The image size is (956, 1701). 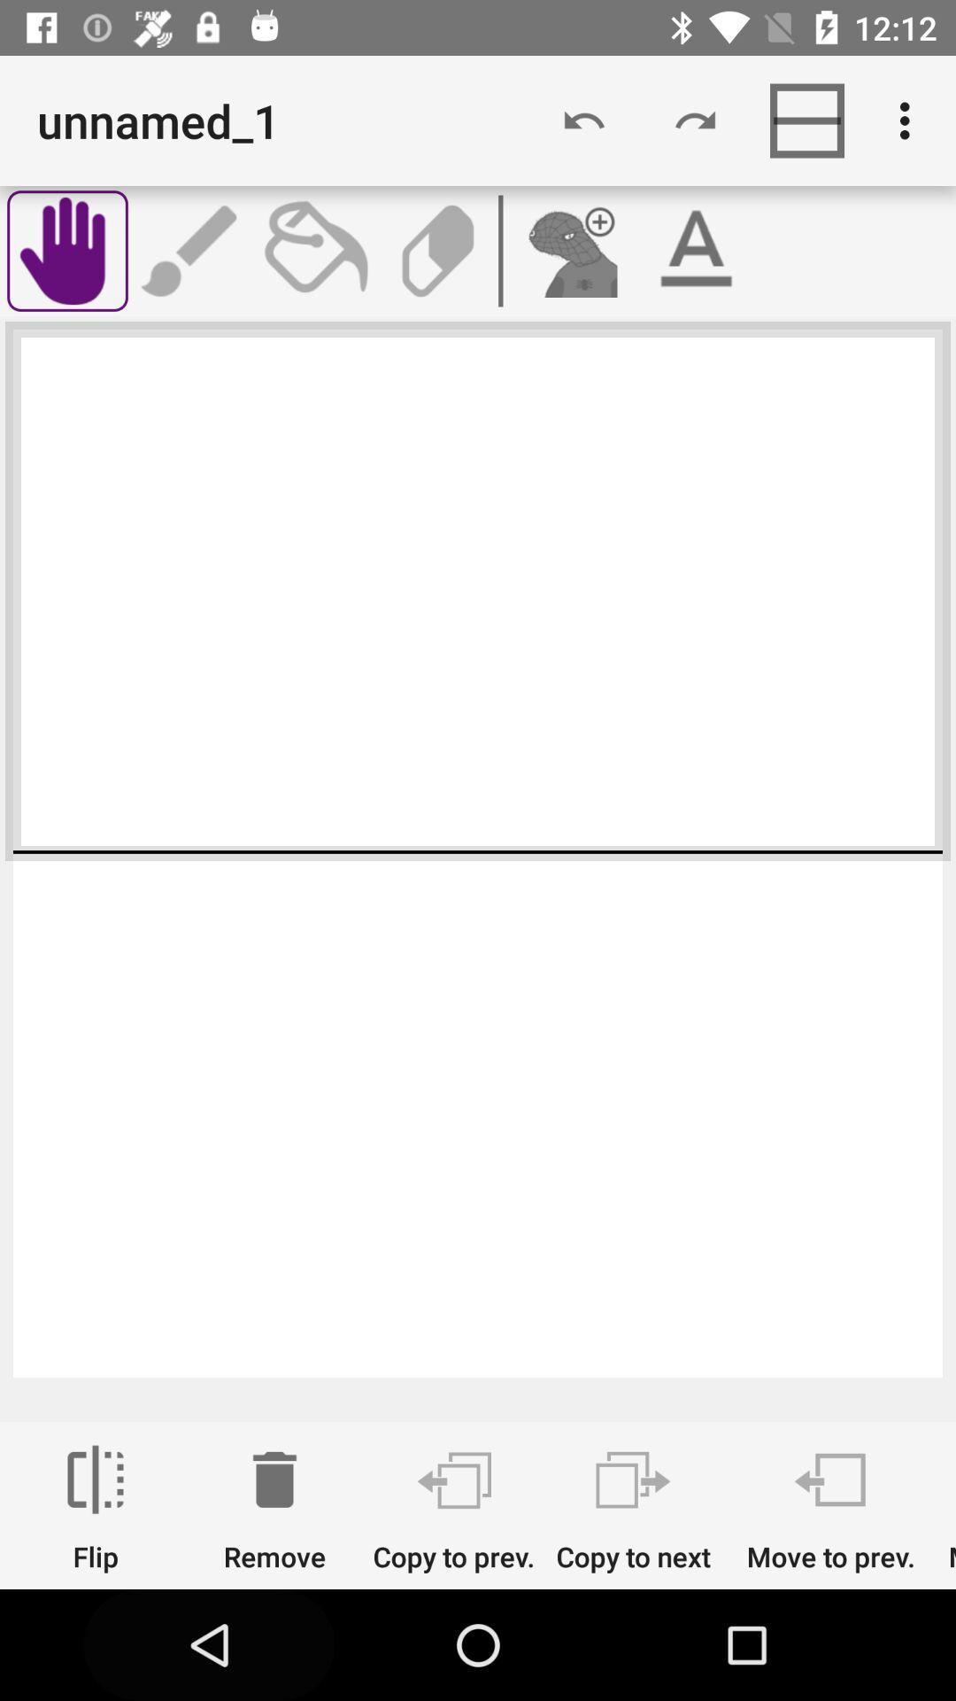 What do you see at coordinates (274, 1508) in the screenshot?
I see `item next to the copy to prev. item` at bounding box center [274, 1508].